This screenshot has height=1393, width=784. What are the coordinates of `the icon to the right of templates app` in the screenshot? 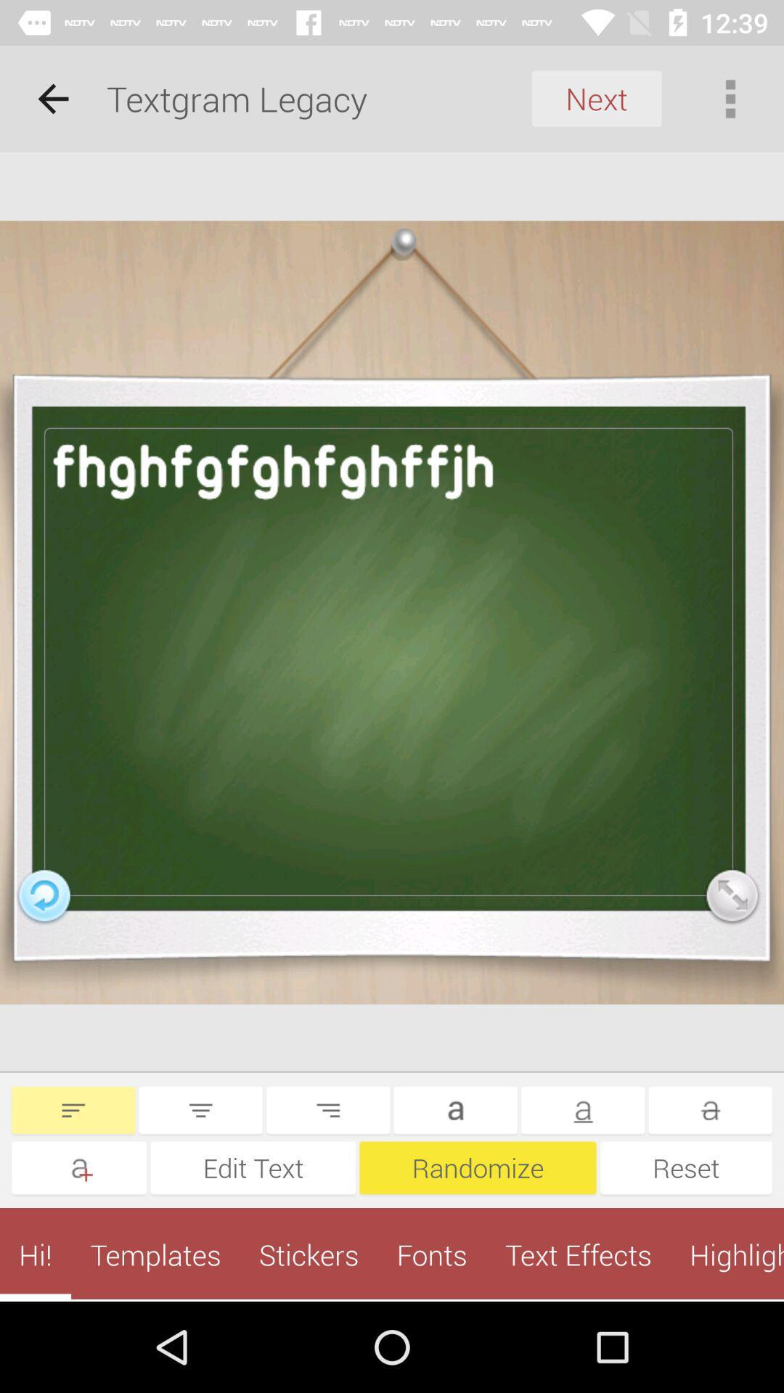 It's located at (308, 1254).